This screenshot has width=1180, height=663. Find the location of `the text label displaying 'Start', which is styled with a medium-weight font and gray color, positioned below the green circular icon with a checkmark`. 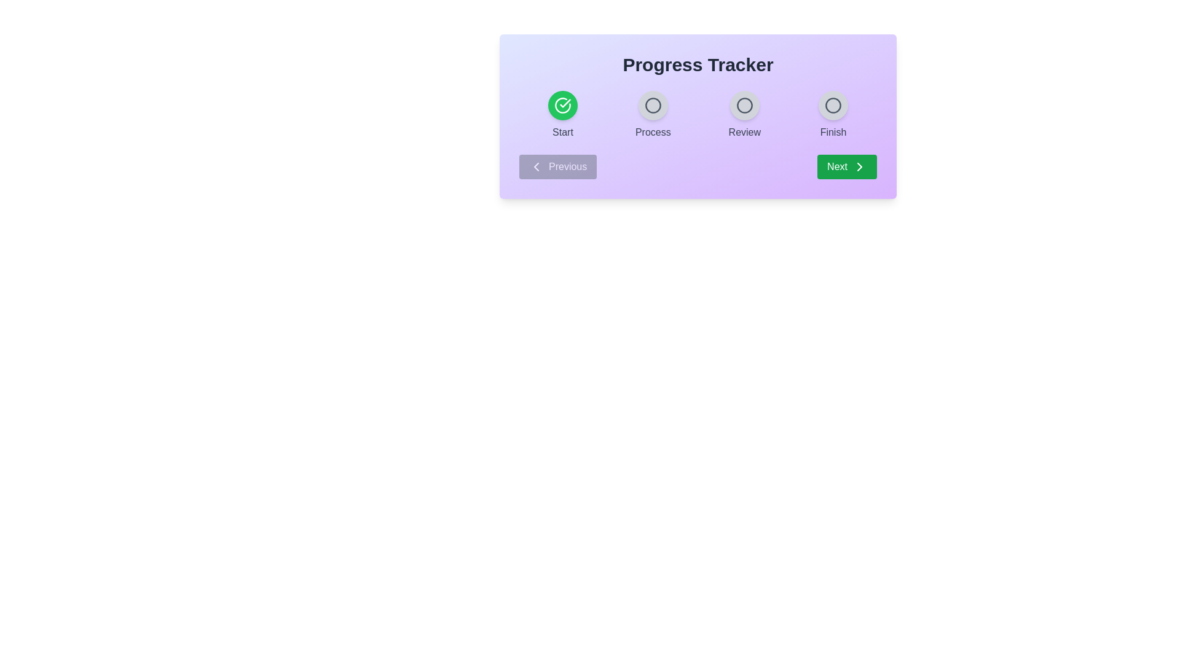

the text label displaying 'Start', which is styled with a medium-weight font and gray color, positioned below the green circular icon with a checkmark is located at coordinates (562, 133).